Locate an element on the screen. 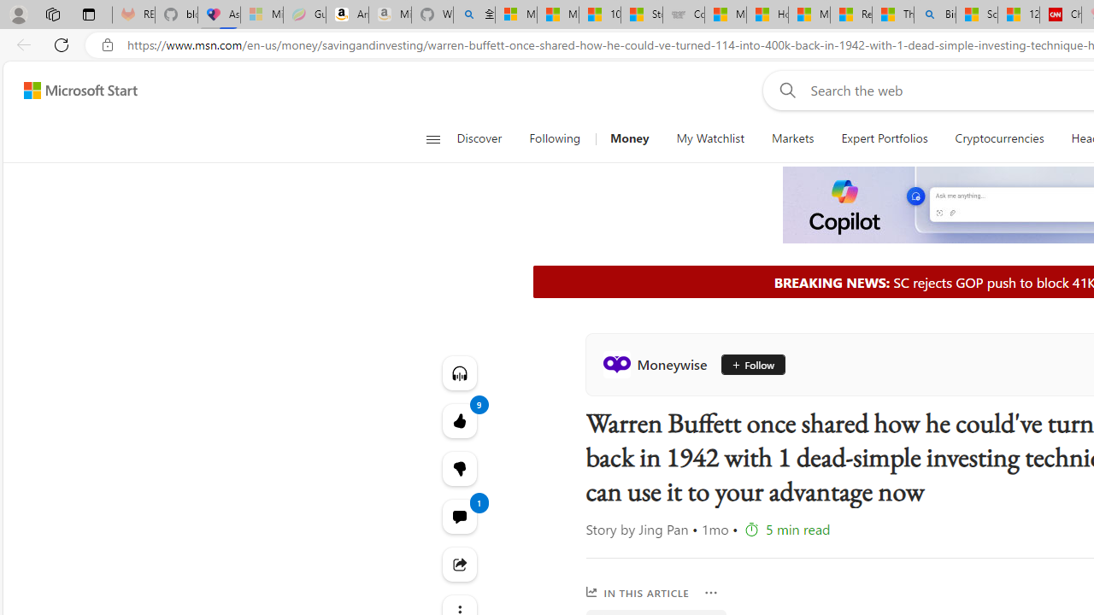 The height and width of the screenshot is (615, 1094). 'How I Got Rid of Microsoft Edge' is located at coordinates (766, 15).